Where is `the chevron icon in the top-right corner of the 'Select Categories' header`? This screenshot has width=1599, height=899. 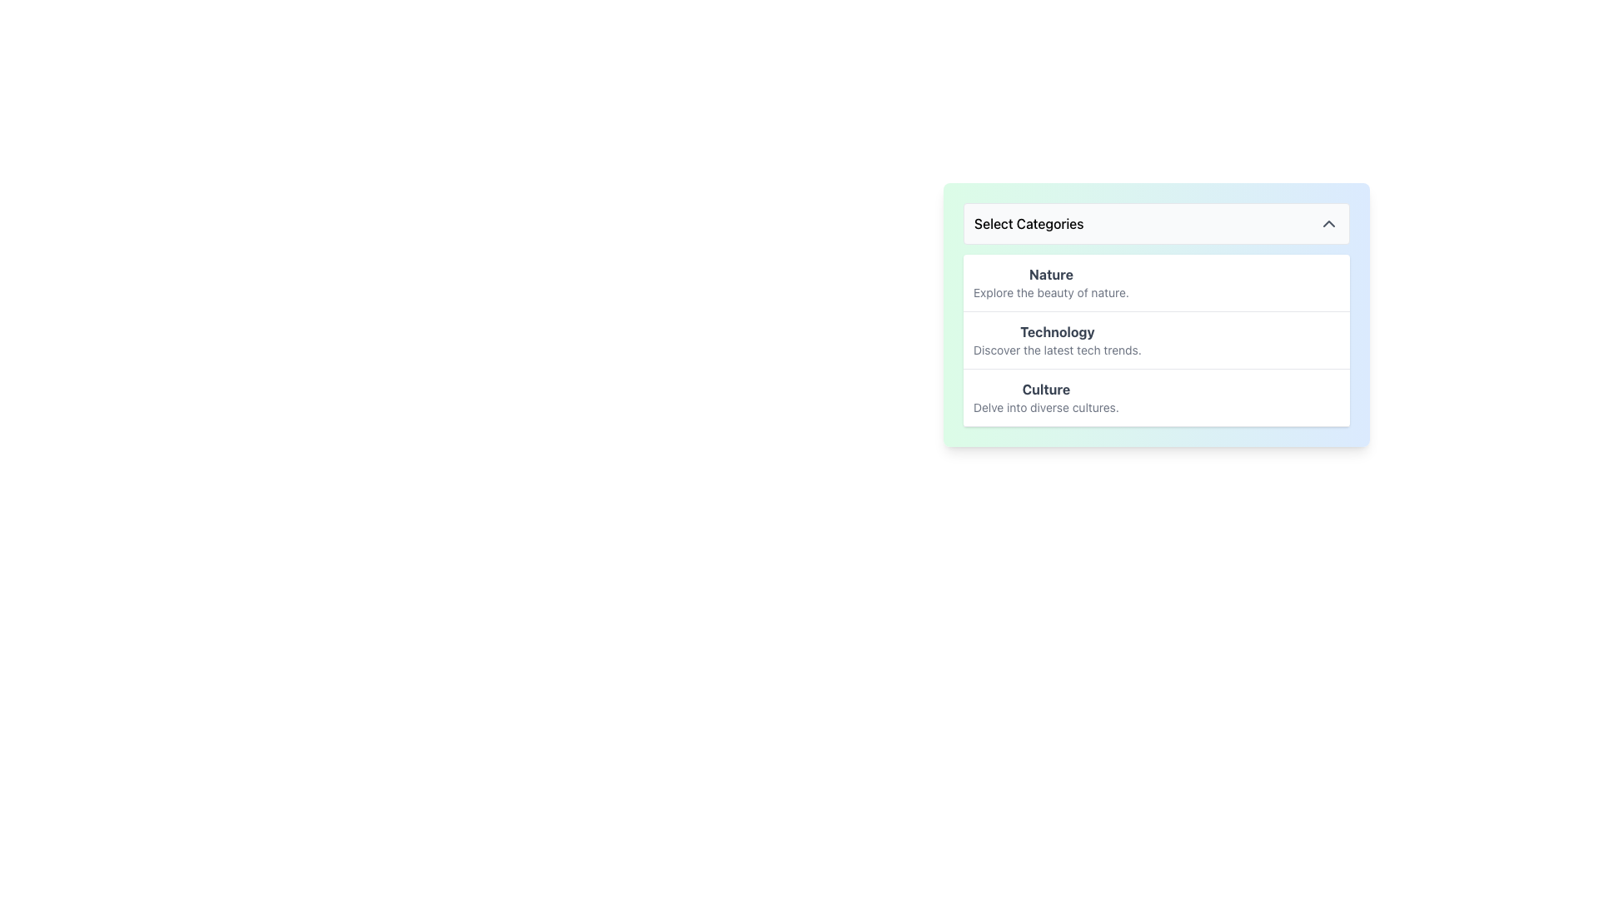 the chevron icon in the top-right corner of the 'Select Categories' header is located at coordinates (1328, 223).